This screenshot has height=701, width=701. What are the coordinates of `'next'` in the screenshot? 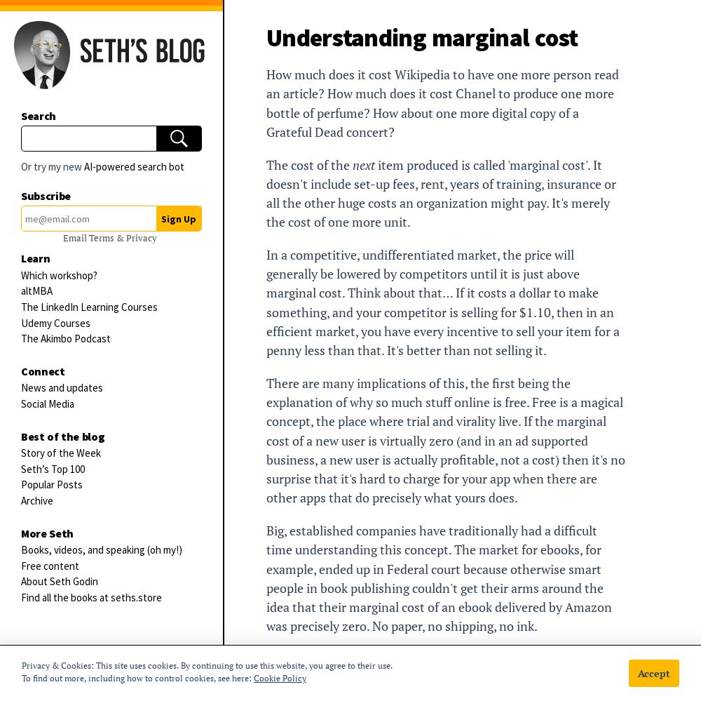 It's located at (364, 164).